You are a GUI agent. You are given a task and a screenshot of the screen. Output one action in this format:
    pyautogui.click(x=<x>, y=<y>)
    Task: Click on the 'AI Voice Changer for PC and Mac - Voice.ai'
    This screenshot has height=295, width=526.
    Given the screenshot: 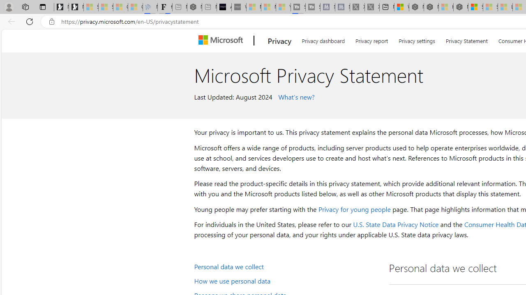 What is the action you would take?
    pyautogui.click(x=224, y=7)
    